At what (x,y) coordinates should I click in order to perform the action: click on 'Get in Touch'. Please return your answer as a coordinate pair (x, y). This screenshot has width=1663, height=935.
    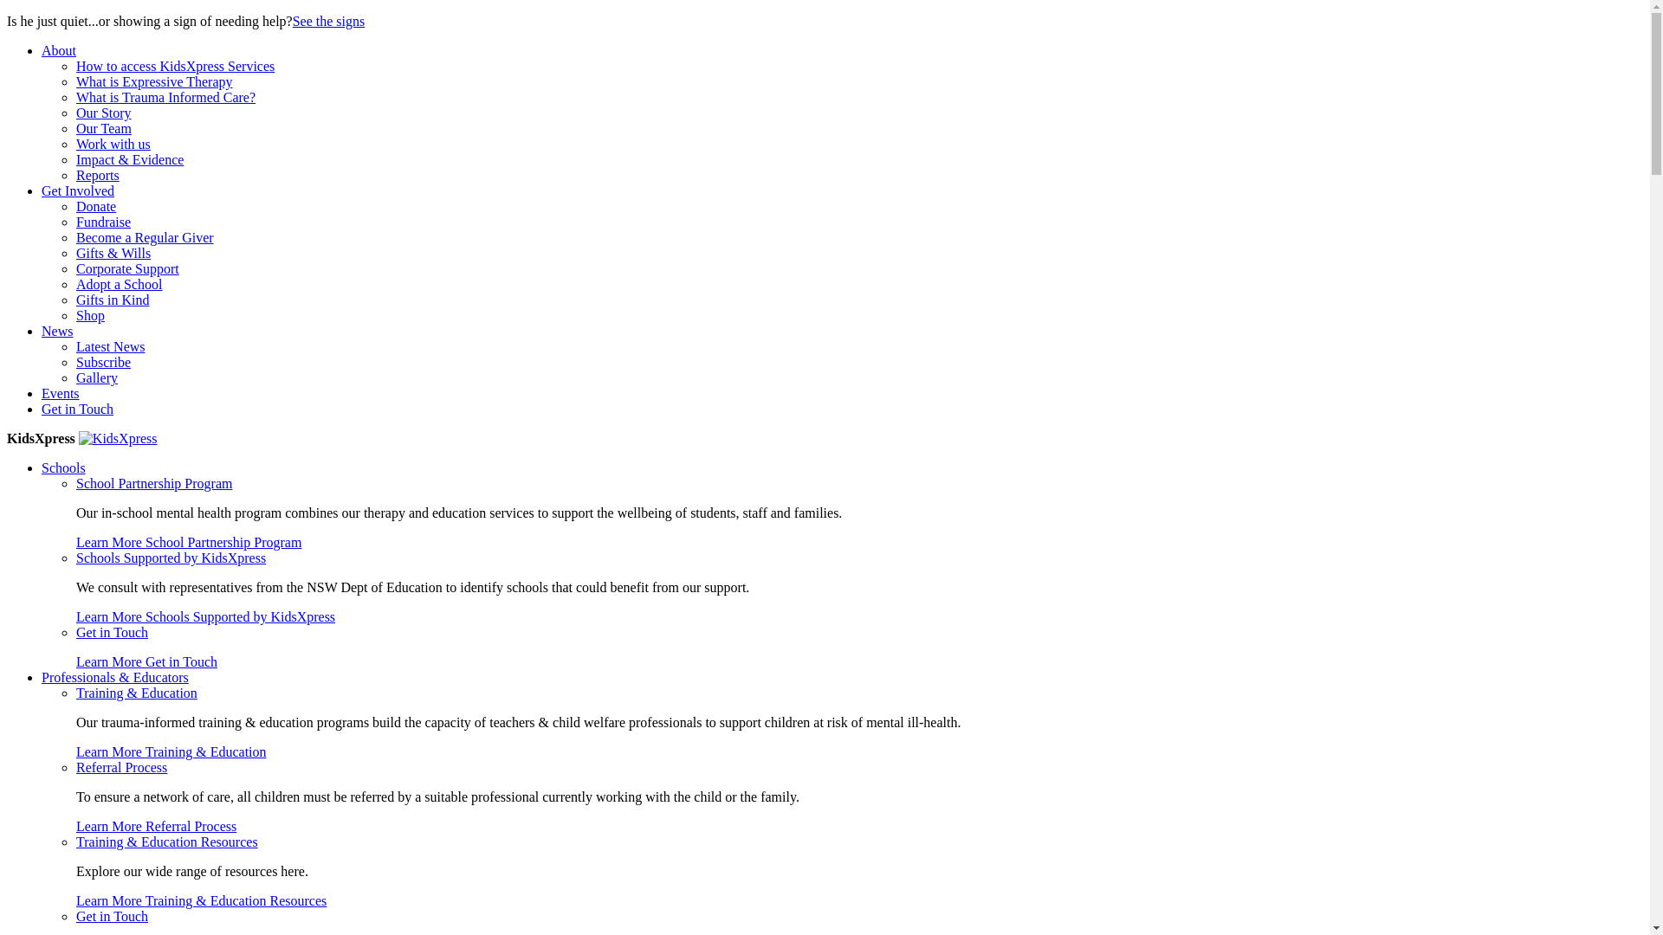
    Looking at the image, I should click on (76, 409).